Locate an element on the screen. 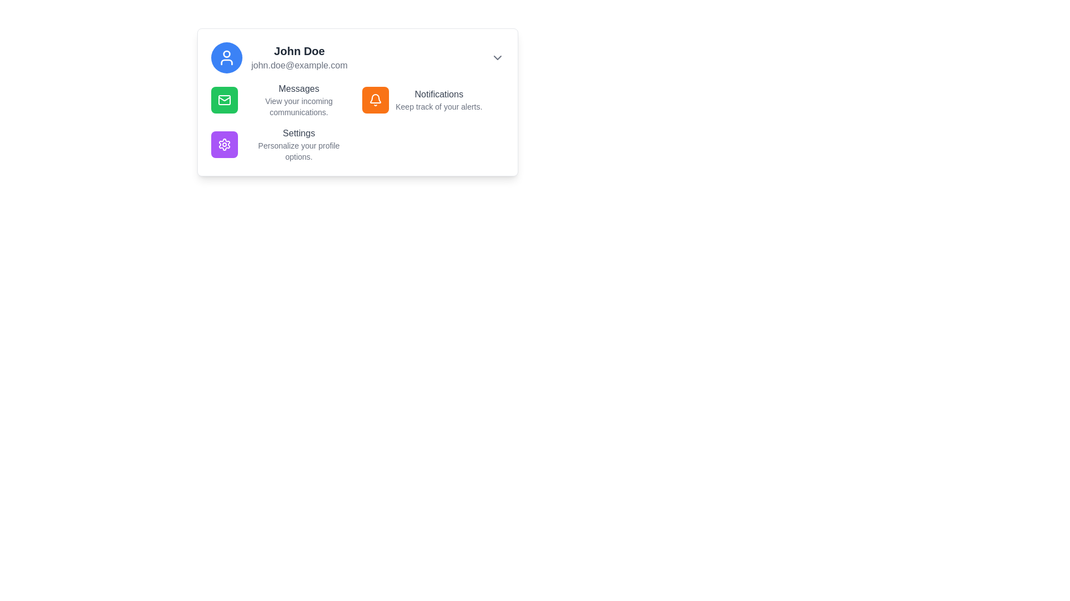  the 'Settings' button, which is a purple square icon with a gear symbol and the label 'Settings' is located at coordinates (282, 144).